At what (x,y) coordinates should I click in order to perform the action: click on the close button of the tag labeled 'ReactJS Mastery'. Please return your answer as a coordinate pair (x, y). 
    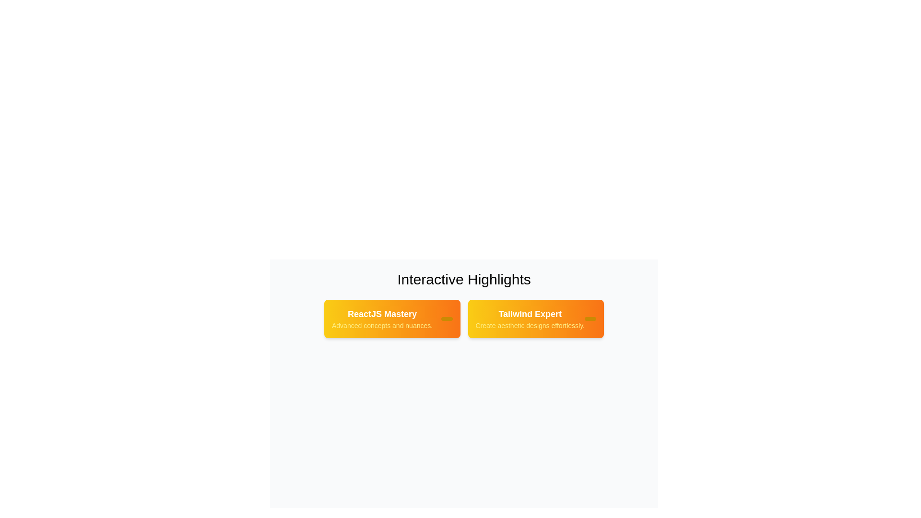
    Looking at the image, I should click on (446, 318).